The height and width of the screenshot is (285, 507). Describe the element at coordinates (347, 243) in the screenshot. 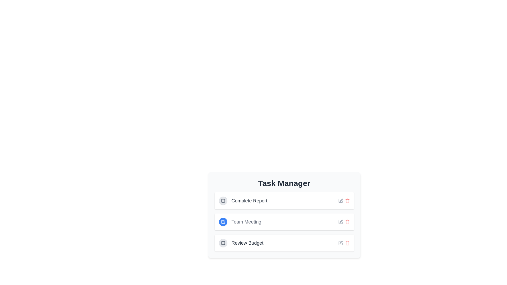

I see `the delete button for the task 'Review Budget'` at that location.